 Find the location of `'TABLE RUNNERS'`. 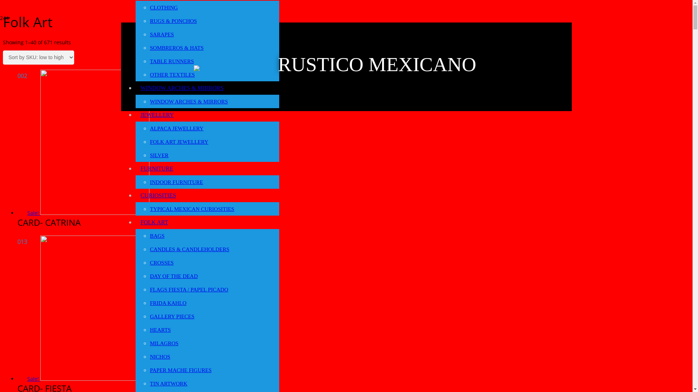

'TABLE RUNNERS' is located at coordinates (171, 61).